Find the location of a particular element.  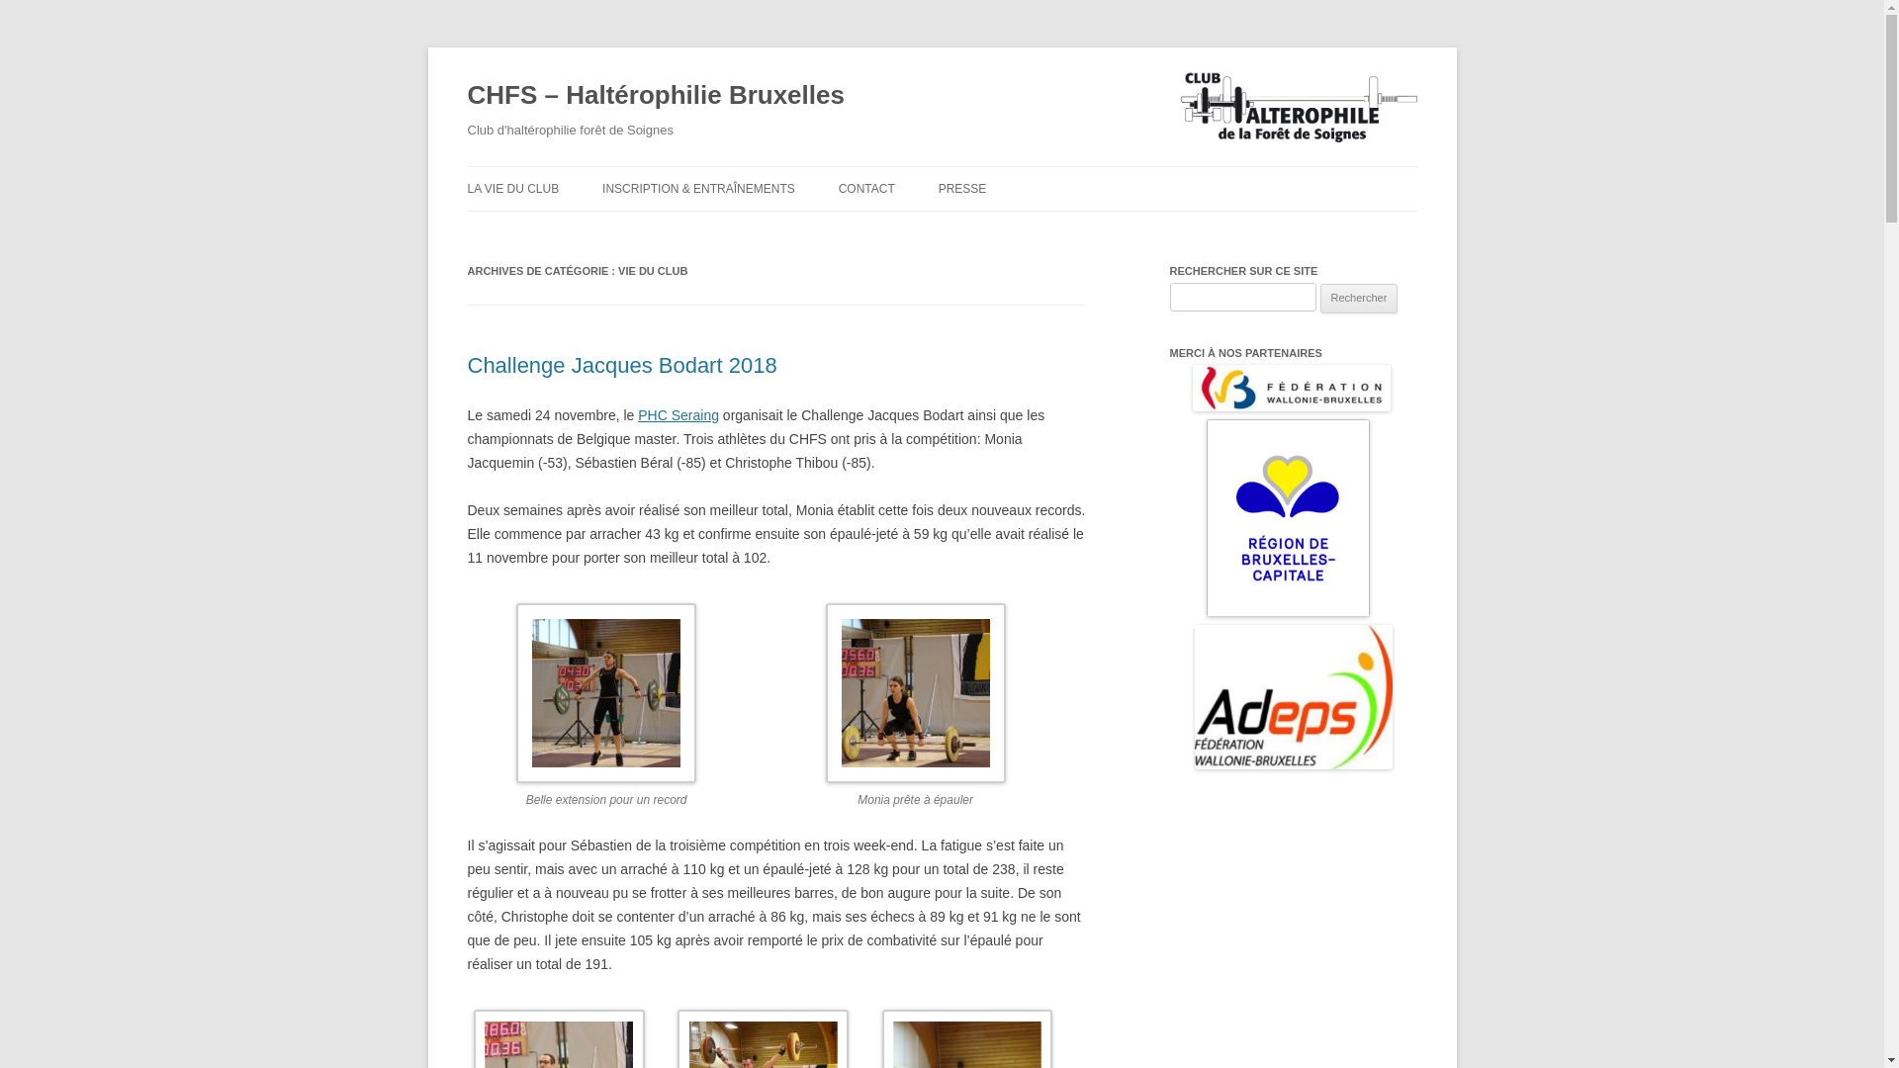

'Rechercher' is located at coordinates (1358, 298).